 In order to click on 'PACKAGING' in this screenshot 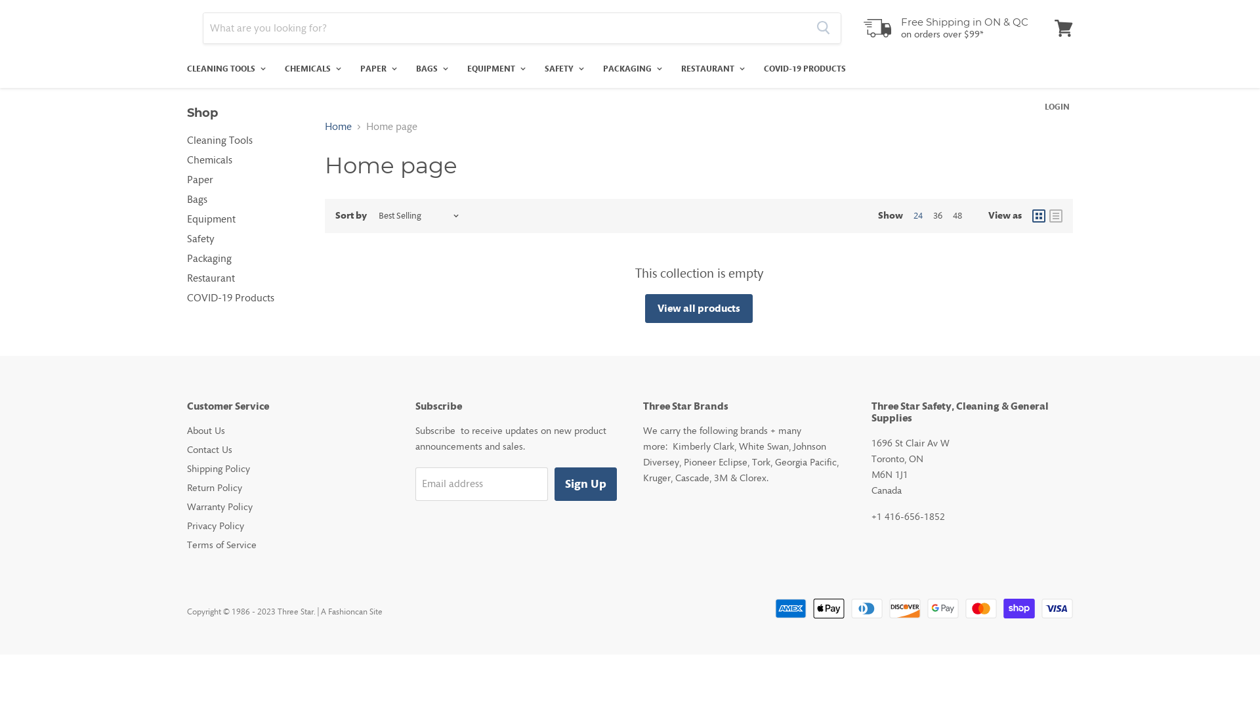, I will do `click(631, 68)`.